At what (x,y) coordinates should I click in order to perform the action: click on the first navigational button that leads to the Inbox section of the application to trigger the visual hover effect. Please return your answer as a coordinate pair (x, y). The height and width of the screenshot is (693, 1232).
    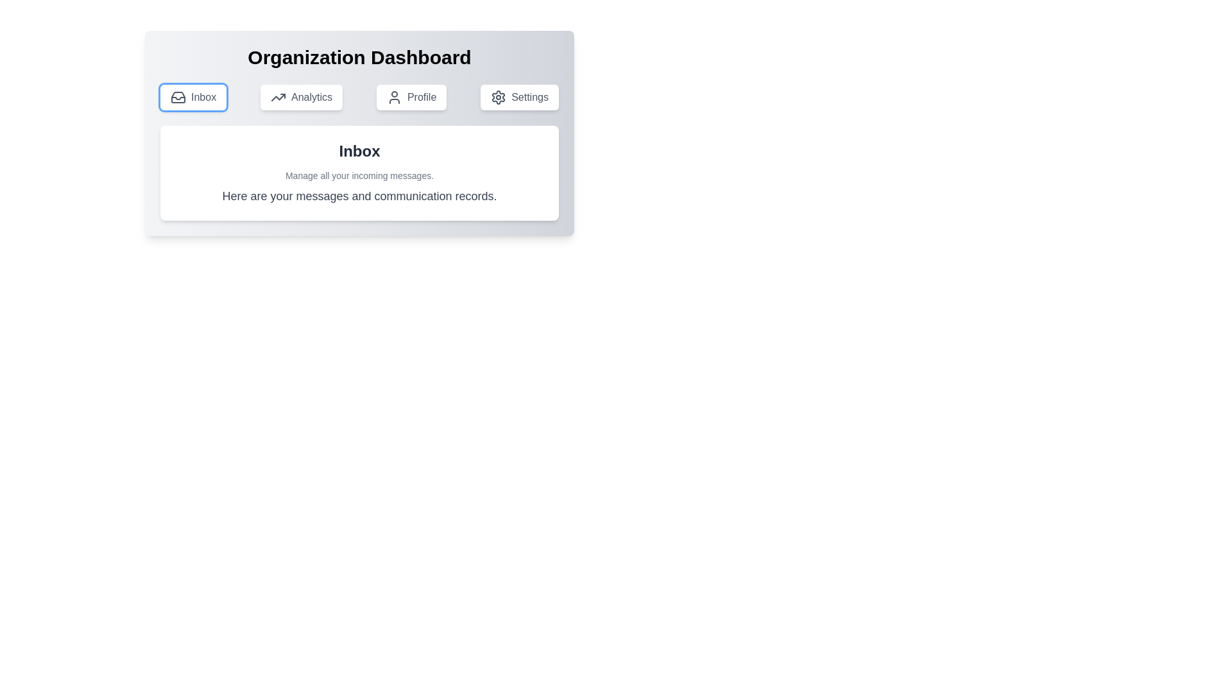
    Looking at the image, I should click on (193, 96).